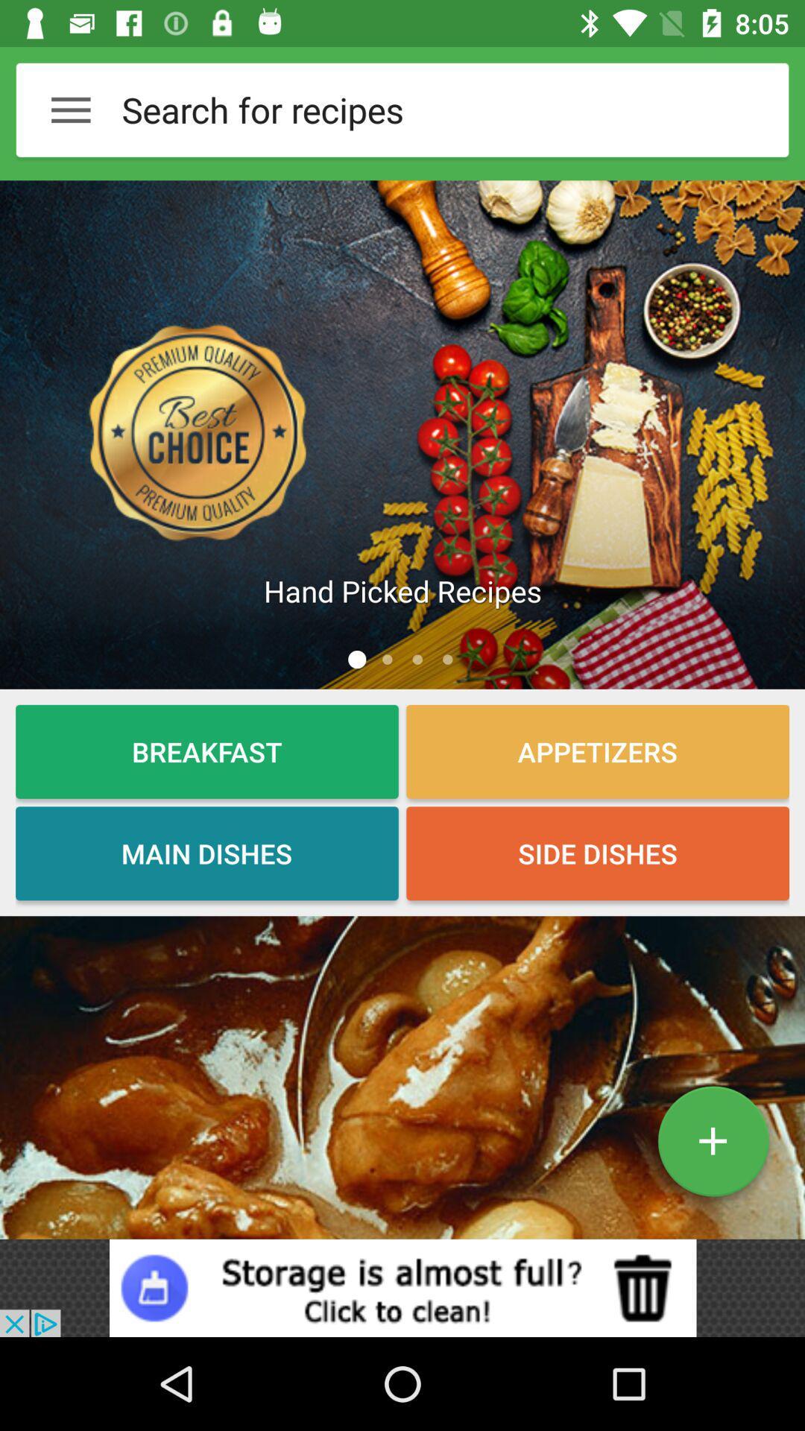 This screenshot has height=1431, width=805. I want to click on the add icon, so click(712, 1146).